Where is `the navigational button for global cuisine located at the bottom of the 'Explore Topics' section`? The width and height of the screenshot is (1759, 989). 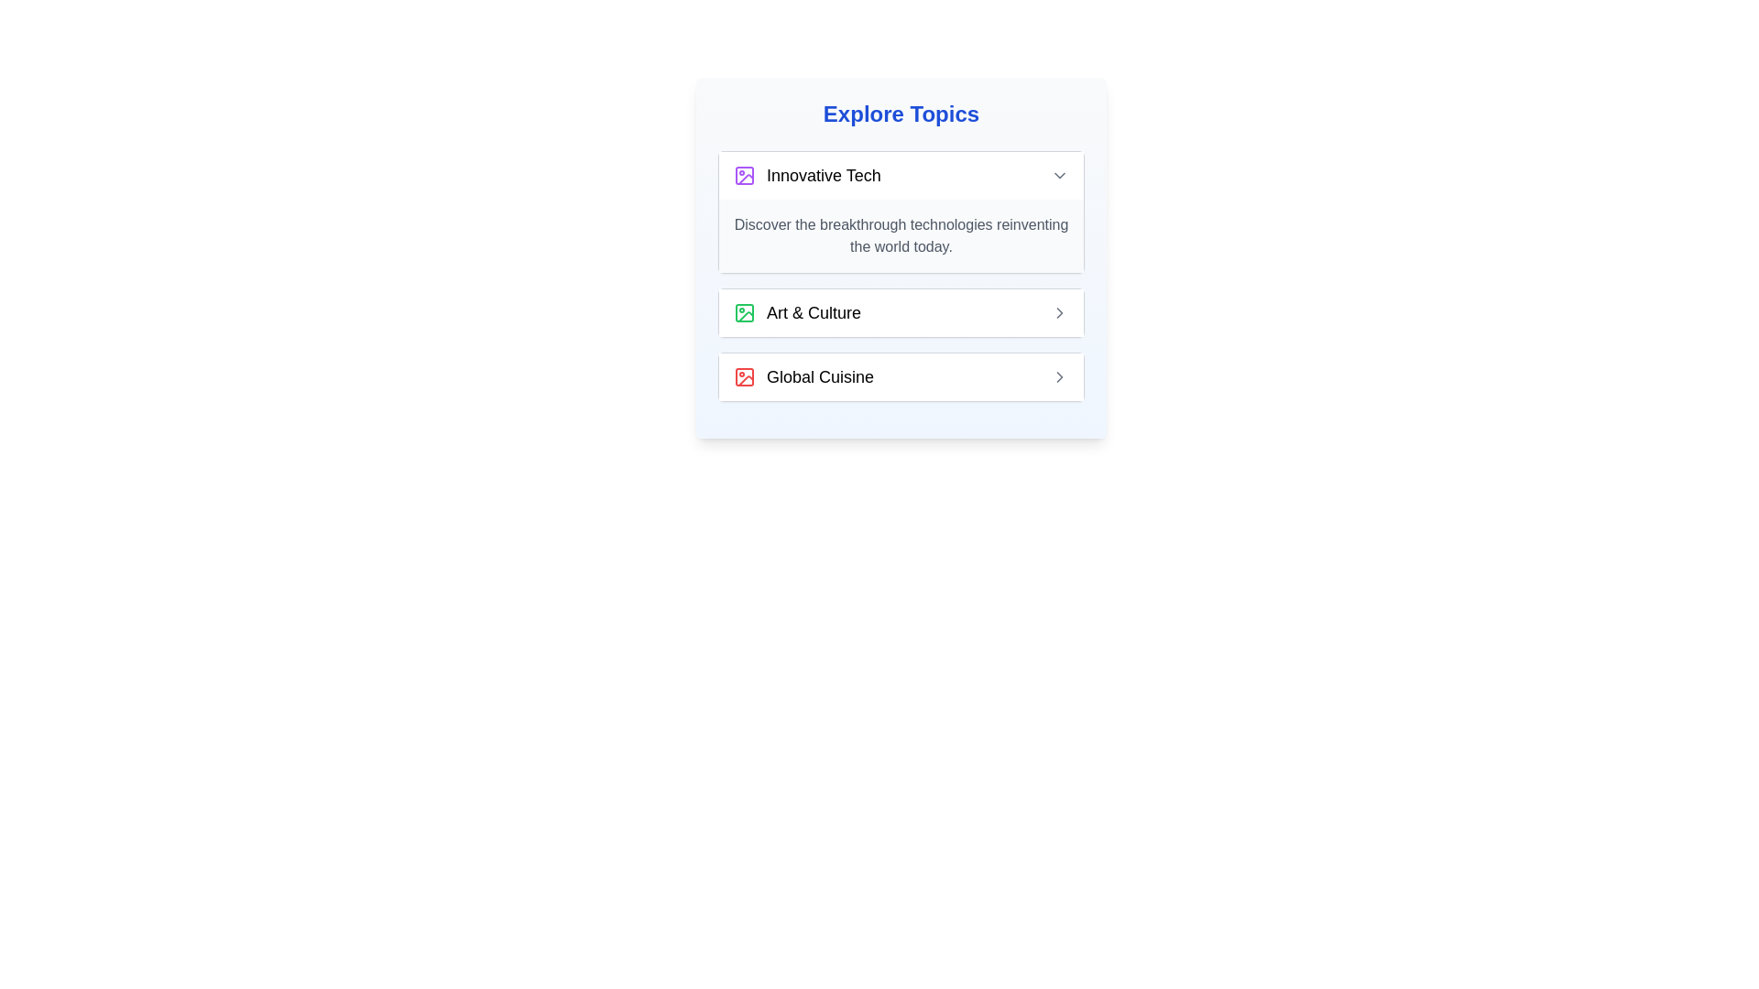
the navigational button for global cuisine located at the bottom of the 'Explore Topics' section is located at coordinates (901, 376).